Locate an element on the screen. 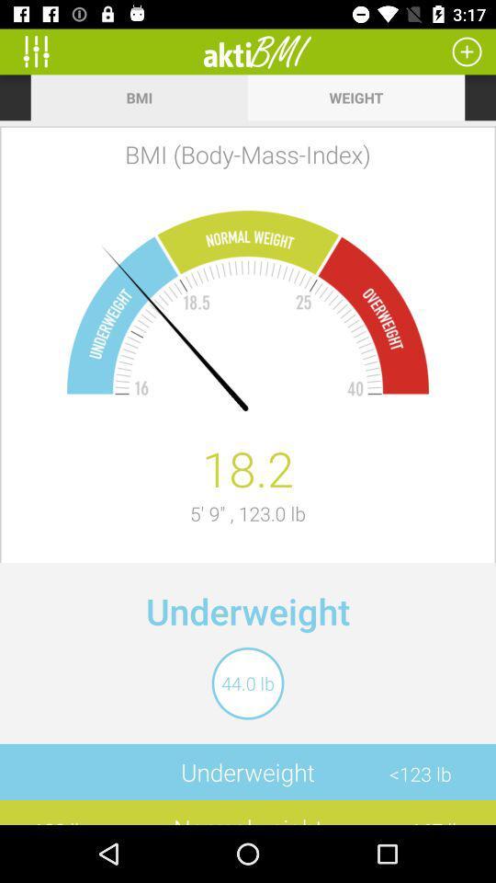  open settings is located at coordinates (42, 51).